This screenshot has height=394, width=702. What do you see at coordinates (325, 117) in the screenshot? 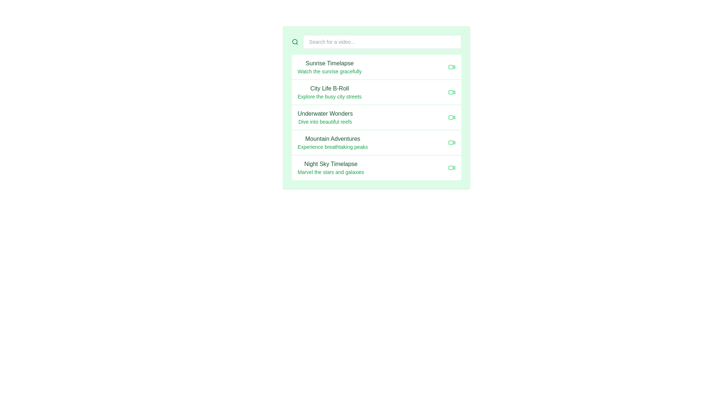
I see `the text block that serves as a title and description for a video or related media item, positioned between 'City Life B-Roll' and 'Mountain Adventures' in the vertical list` at bounding box center [325, 117].